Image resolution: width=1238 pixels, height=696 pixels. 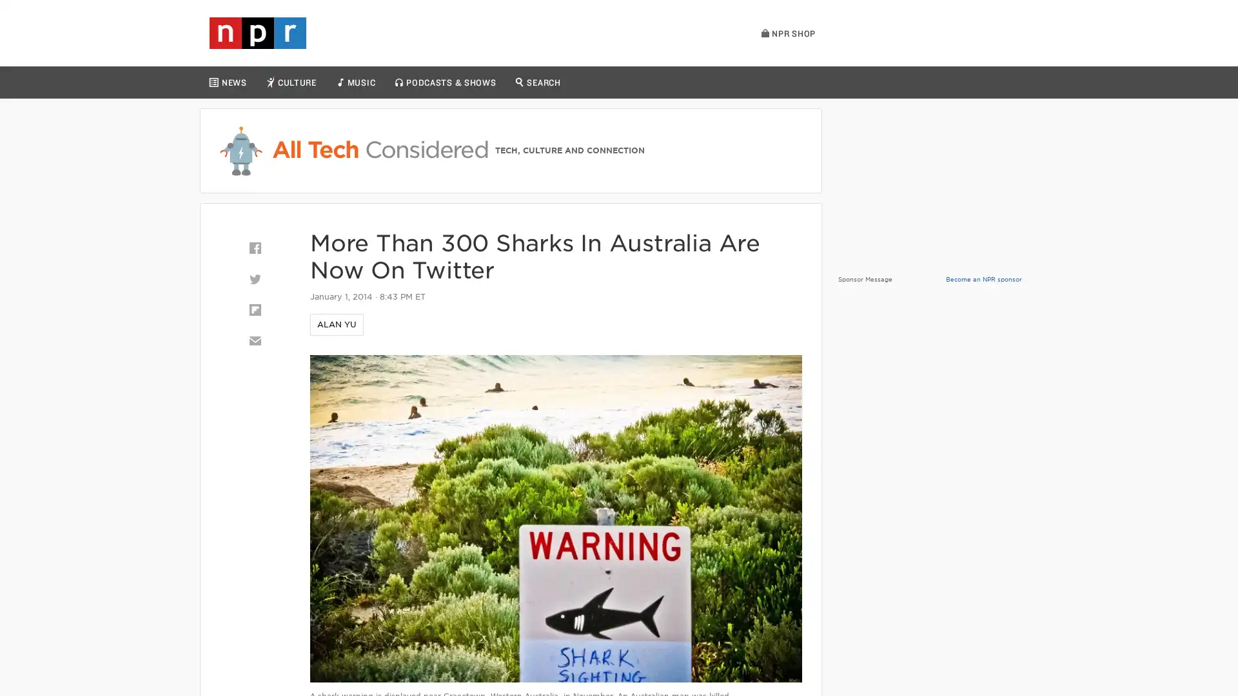 I want to click on PLAYLIST, so click(x=997, y=82).